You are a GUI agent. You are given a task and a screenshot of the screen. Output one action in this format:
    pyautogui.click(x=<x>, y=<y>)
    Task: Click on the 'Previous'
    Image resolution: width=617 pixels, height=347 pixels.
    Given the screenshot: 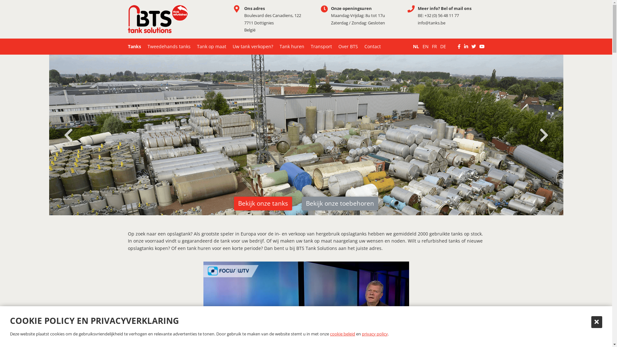 What is the action you would take?
    pyautogui.click(x=58, y=135)
    